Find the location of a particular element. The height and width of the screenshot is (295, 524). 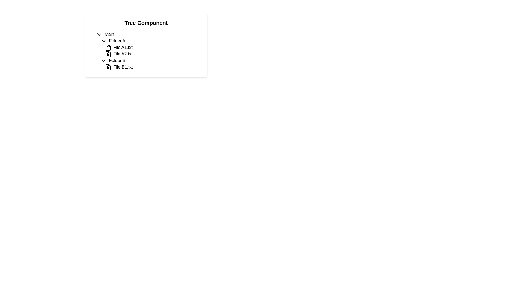

the text label representing the file named 'File B1.txt' is located at coordinates (123, 67).